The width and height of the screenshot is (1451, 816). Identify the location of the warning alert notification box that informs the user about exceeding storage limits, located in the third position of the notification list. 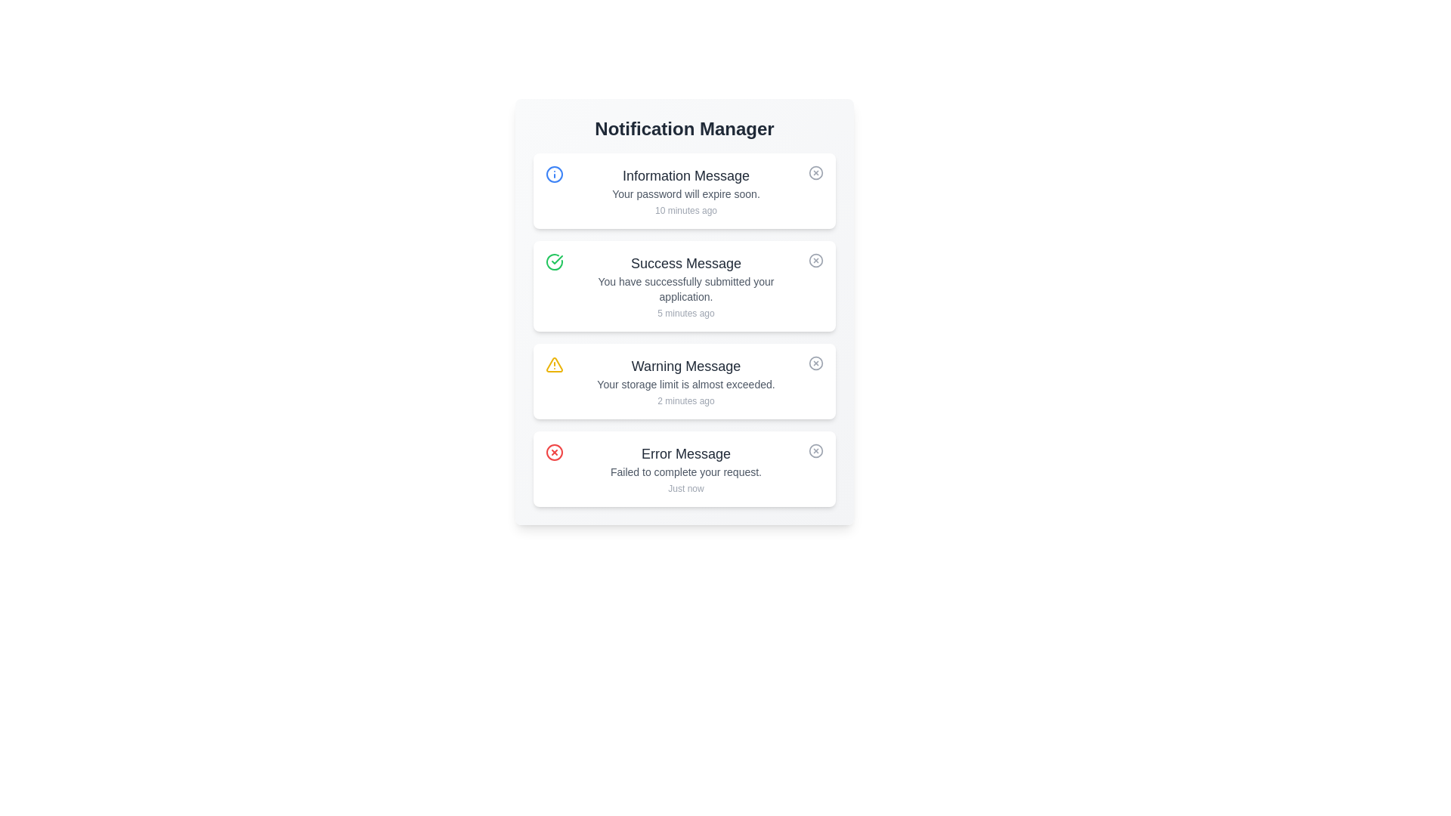
(685, 381).